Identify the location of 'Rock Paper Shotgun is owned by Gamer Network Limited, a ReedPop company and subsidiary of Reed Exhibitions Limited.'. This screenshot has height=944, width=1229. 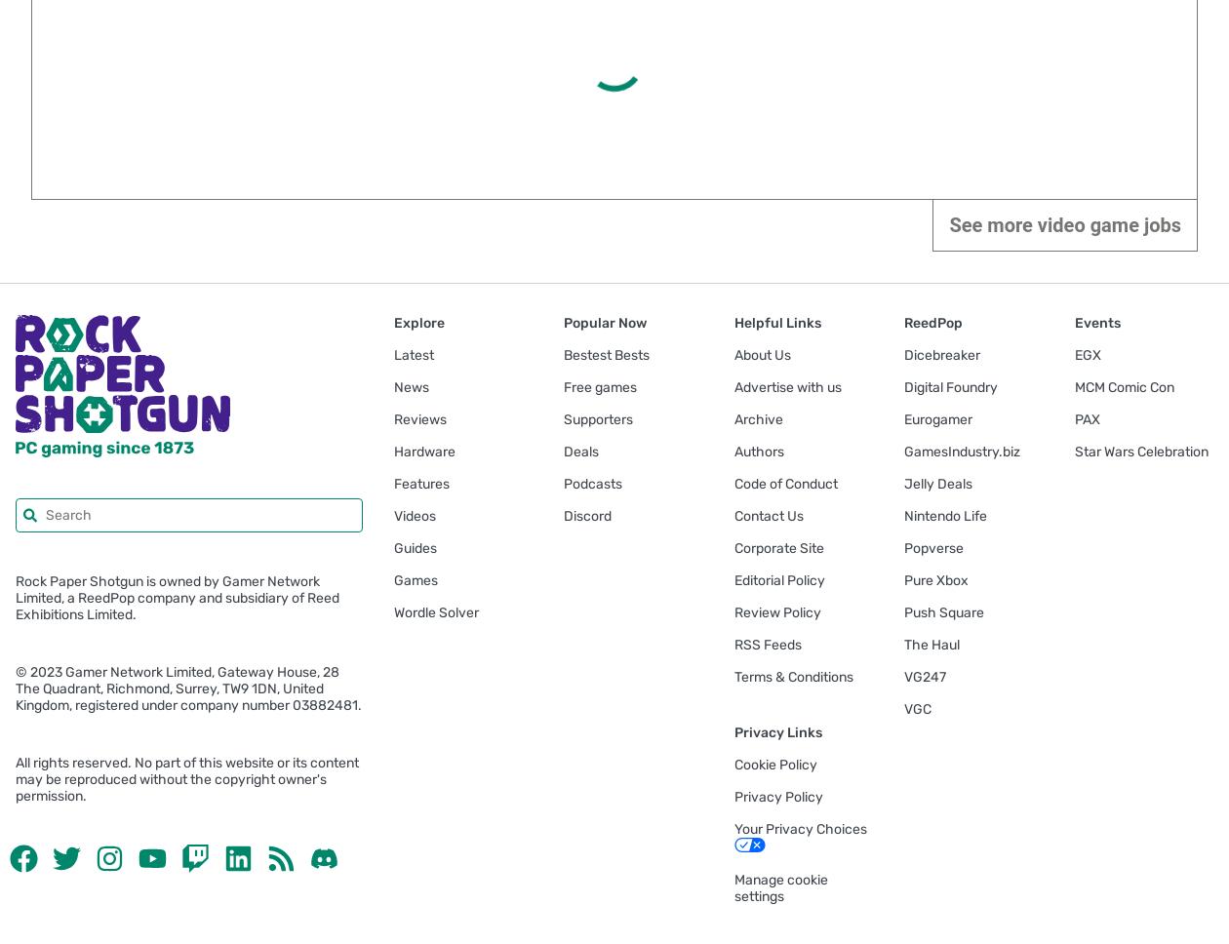
(177, 596).